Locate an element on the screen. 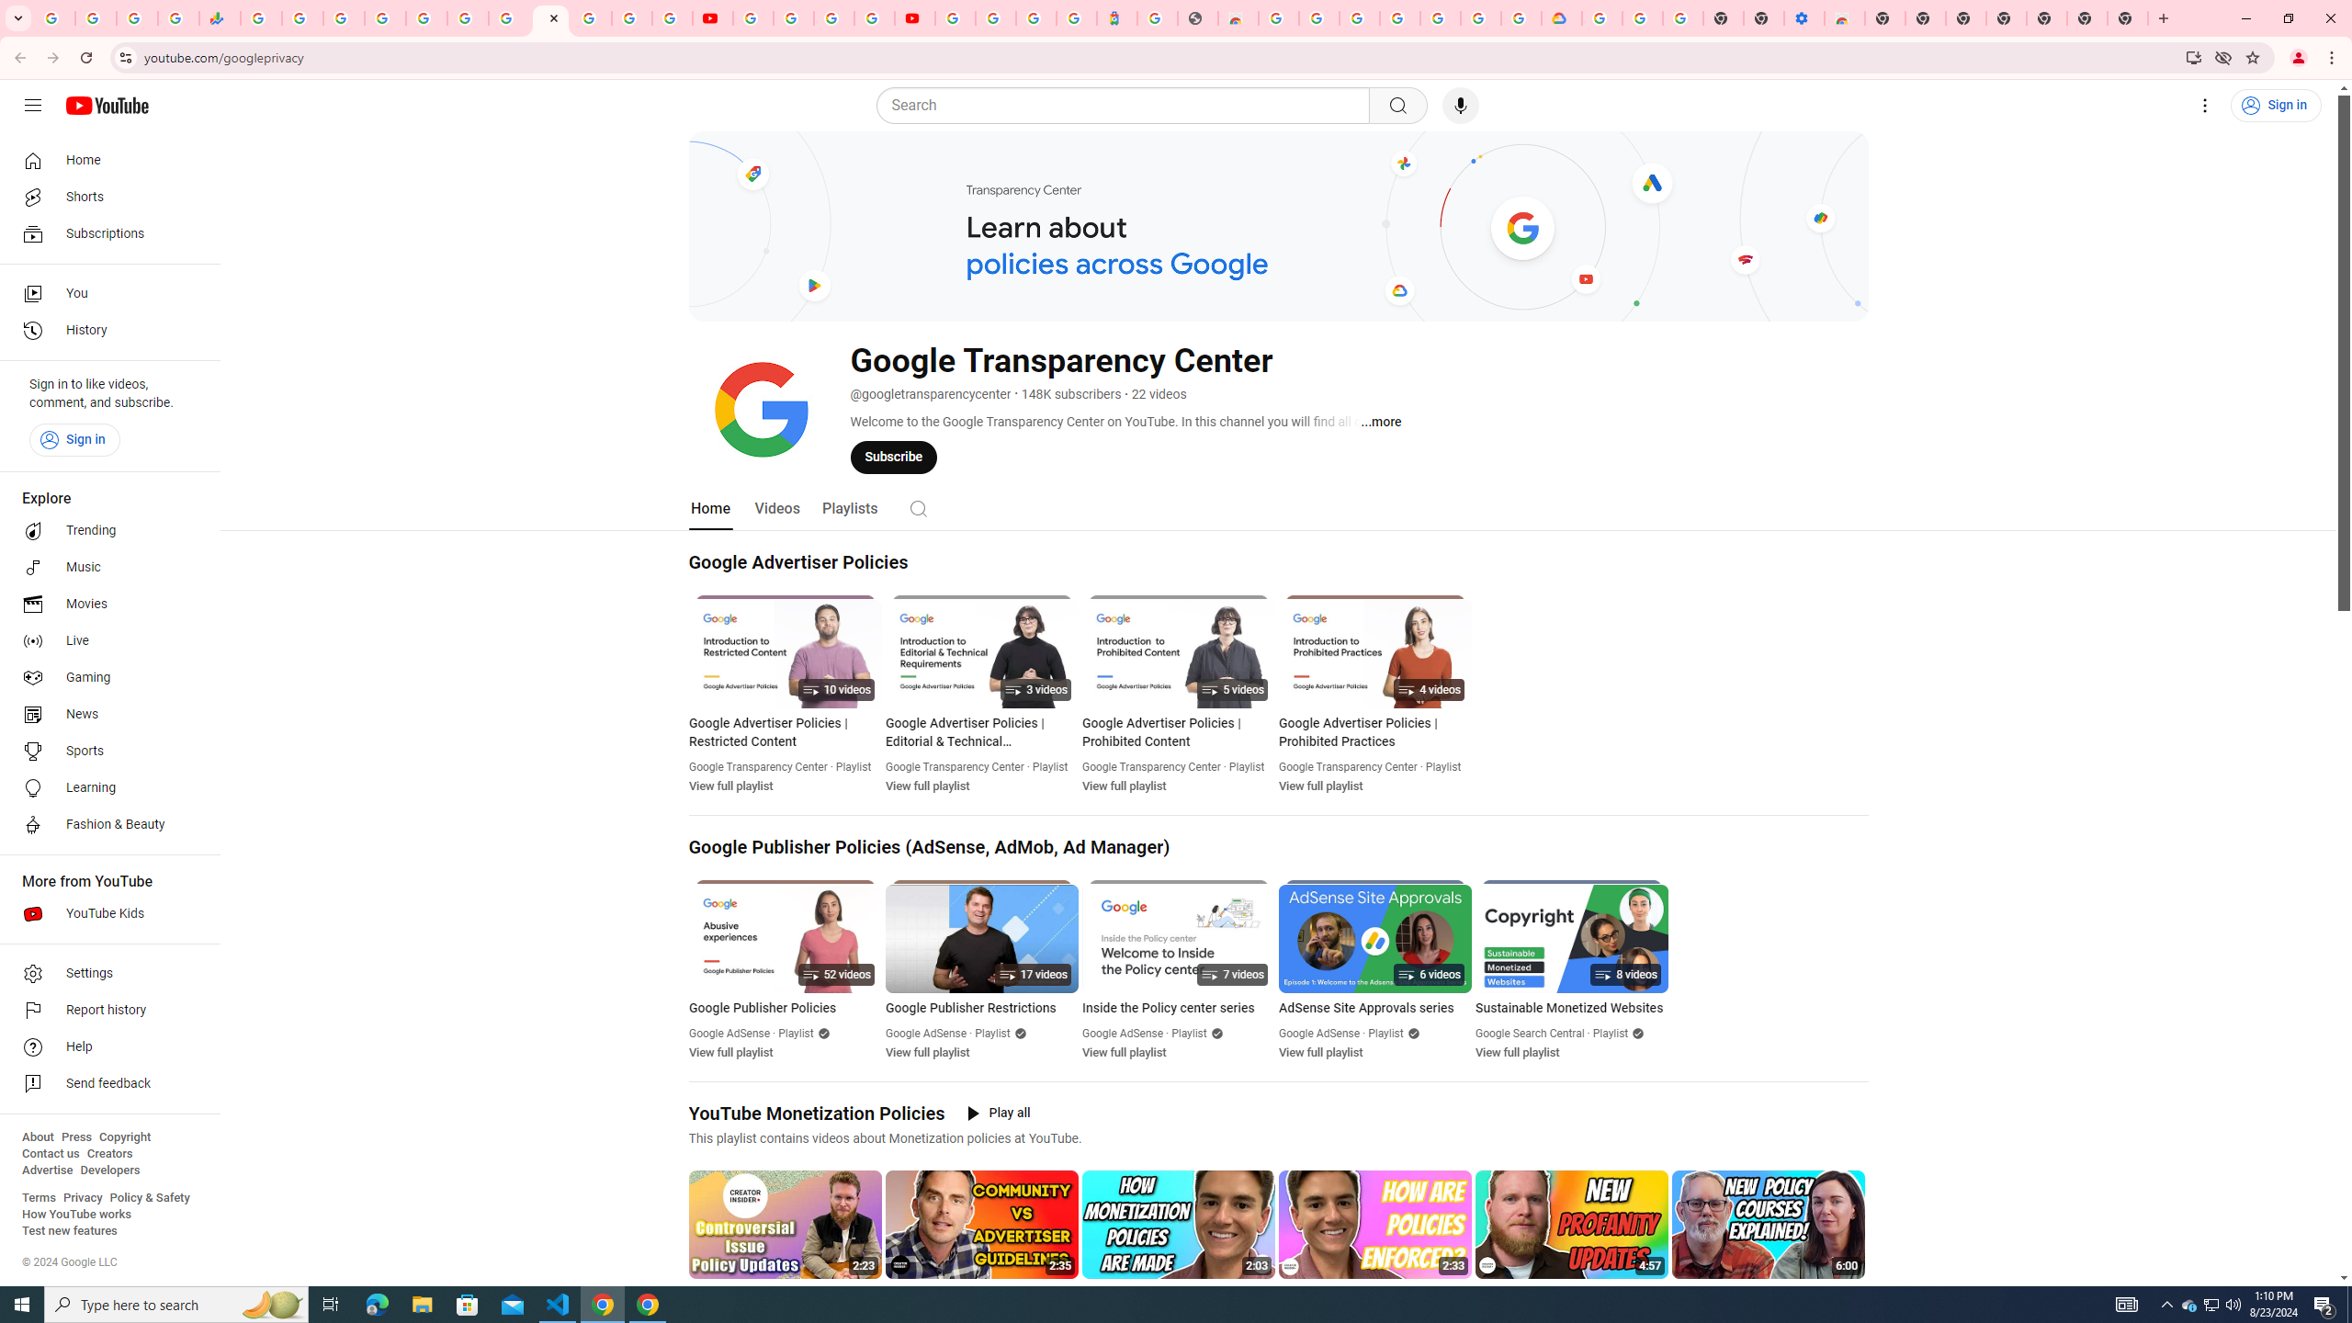  'Privacy' is located at coordinates (82, 1196).